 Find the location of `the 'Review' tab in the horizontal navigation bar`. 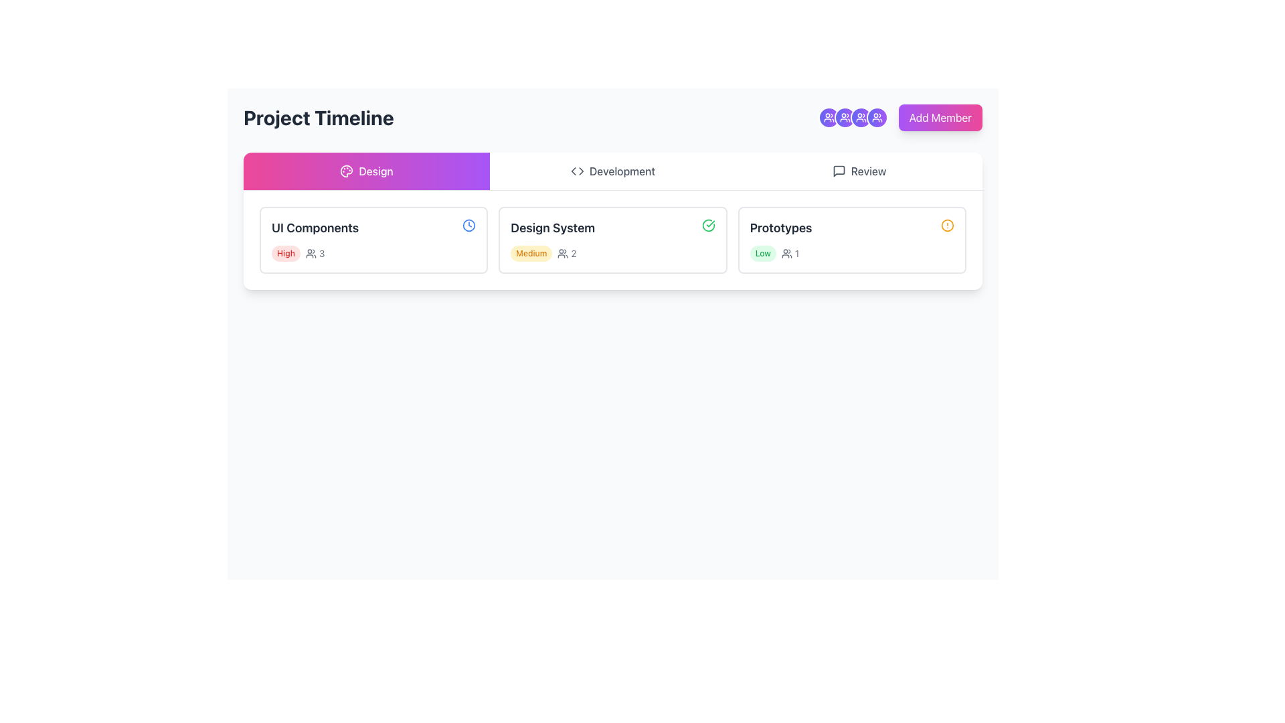

the 'Review' tab in the horizontal navigation bar is located at coordinates (859, 170).